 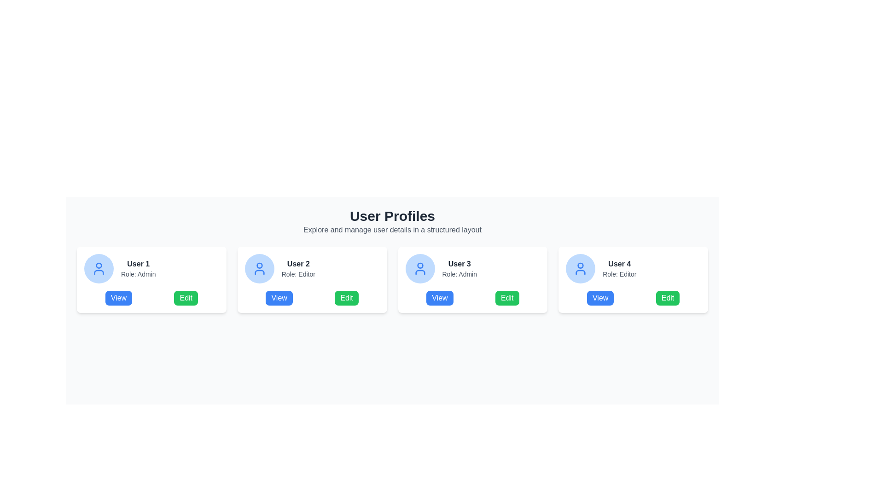 I want to click on the circular user icon, so click(x=99, y=268).